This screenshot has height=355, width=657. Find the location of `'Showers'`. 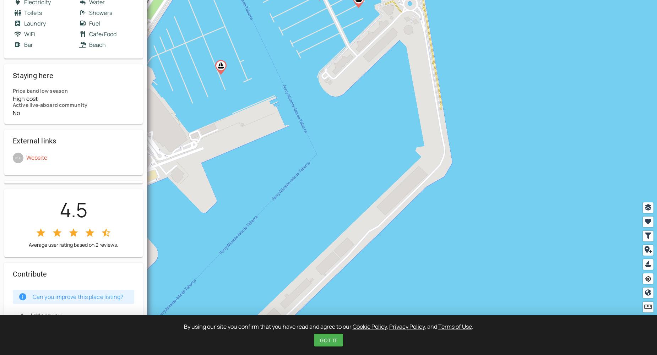

'Showers' is located at coordinates (100, 13).